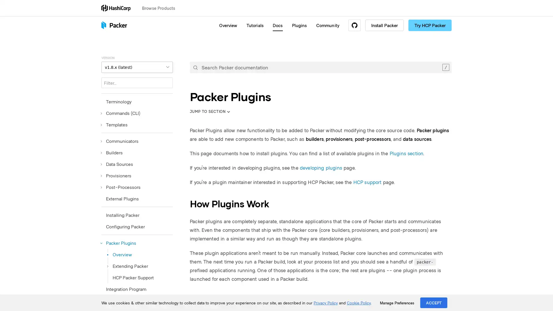 The width and height of the screenshot is (553, 311). Describe the element at coordinates (120, 141) in the screenshot. I see `Communicators` at that location.